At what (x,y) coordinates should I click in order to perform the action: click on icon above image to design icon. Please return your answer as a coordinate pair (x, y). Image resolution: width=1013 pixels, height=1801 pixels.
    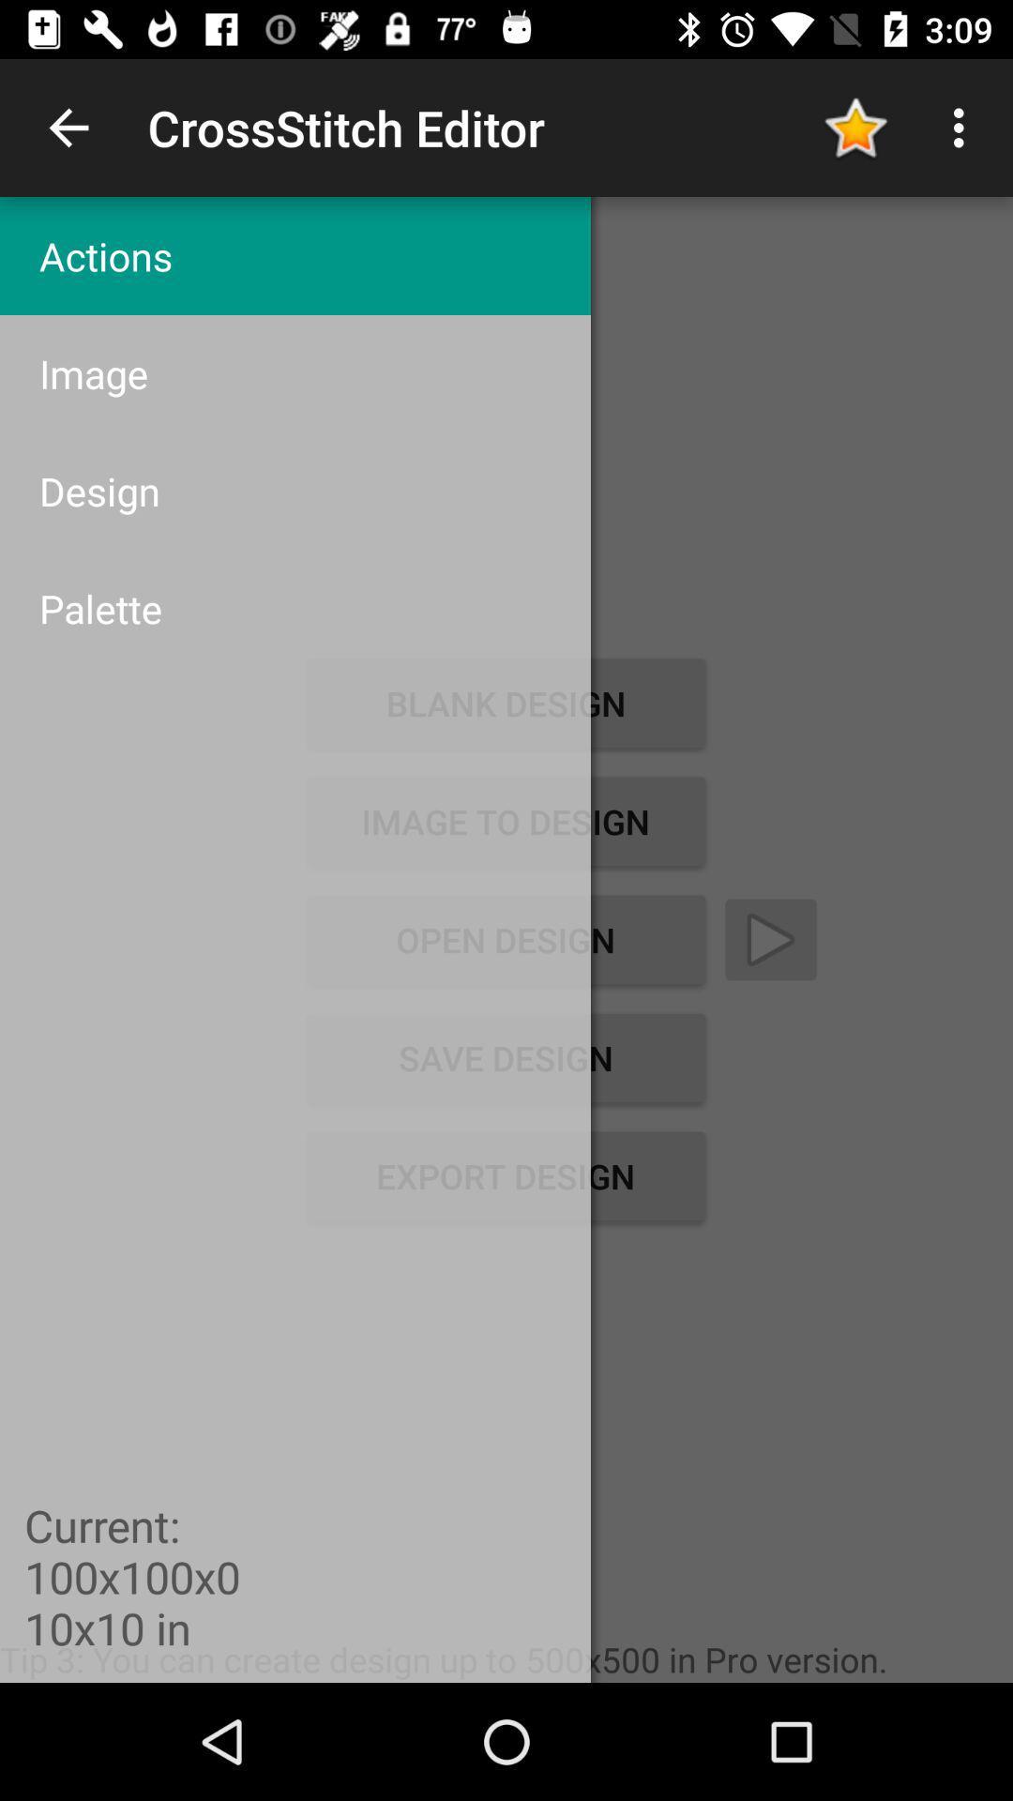
    Looking at the image, I should click on (295, 608).